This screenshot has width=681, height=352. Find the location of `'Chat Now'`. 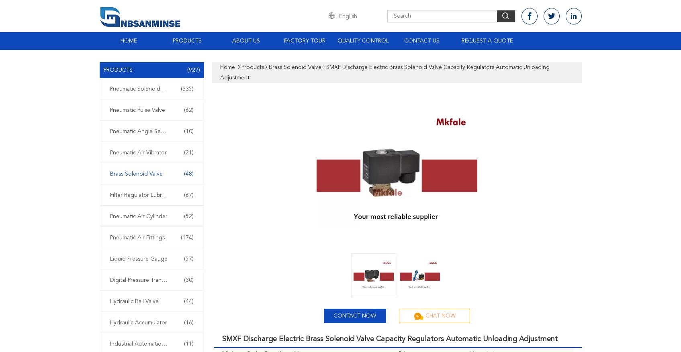

'Chat Now' is located at coordinates (440, 316).